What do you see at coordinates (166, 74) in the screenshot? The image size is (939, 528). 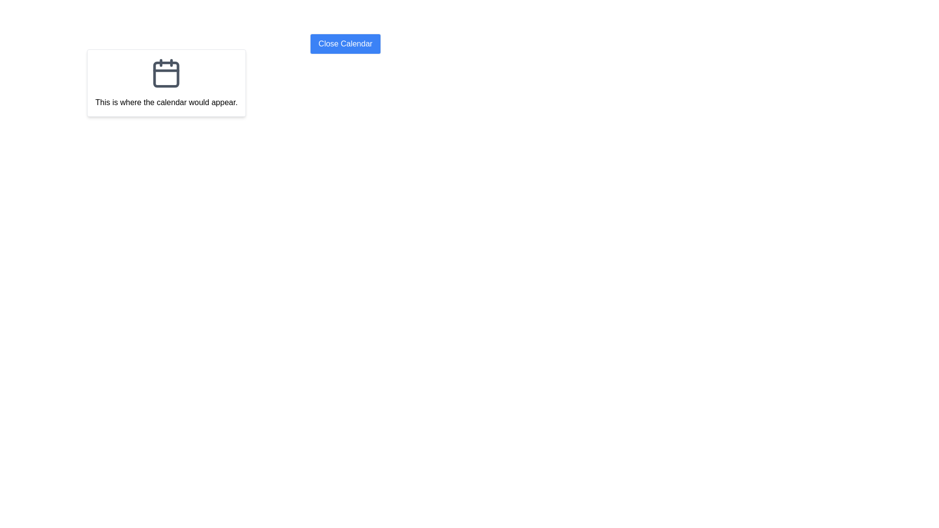 I see `the central area of the calendar grid within the calendar icon, which visually represents the body of a calendar day grid` at bounding box center [166, 74].